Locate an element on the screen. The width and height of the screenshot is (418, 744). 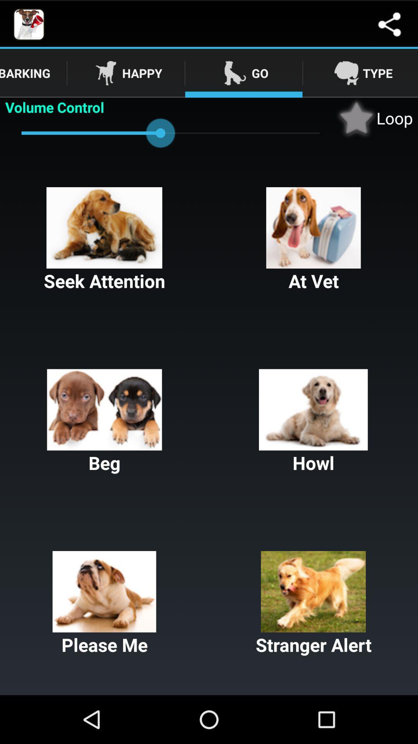
please me is located at coordinates (104, 603).